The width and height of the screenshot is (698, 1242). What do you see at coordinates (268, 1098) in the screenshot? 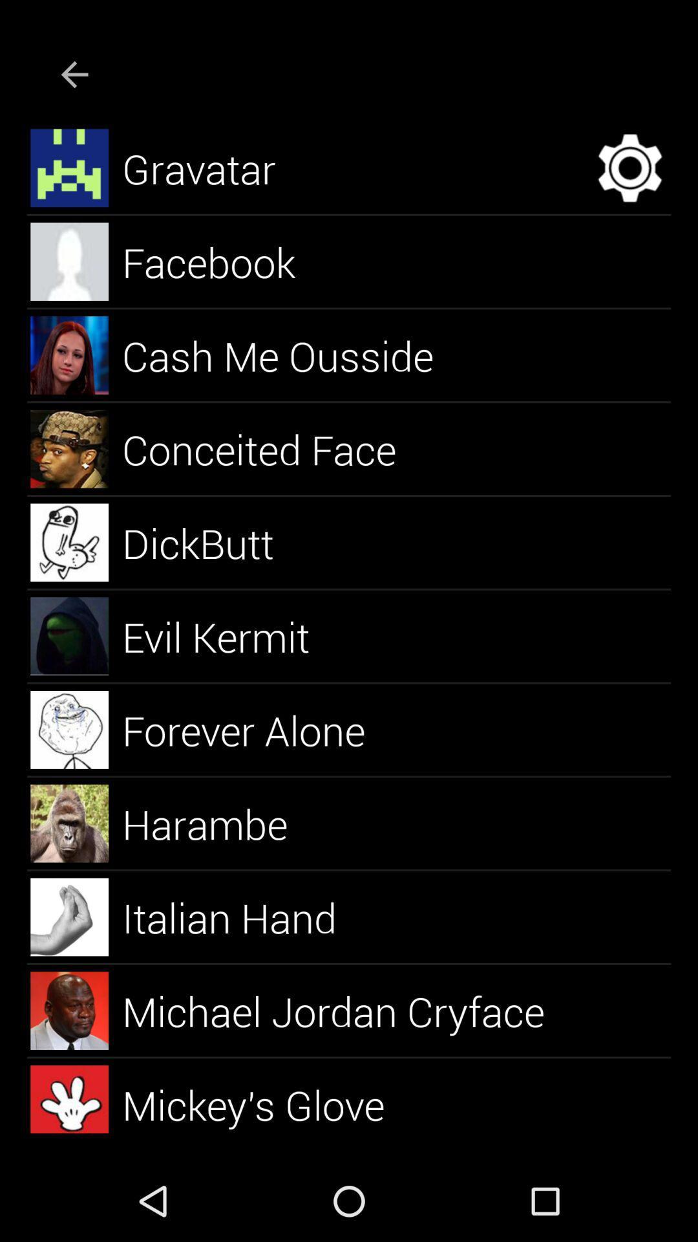
I see `the mickey's glove` at bounding box center [268, 1098].